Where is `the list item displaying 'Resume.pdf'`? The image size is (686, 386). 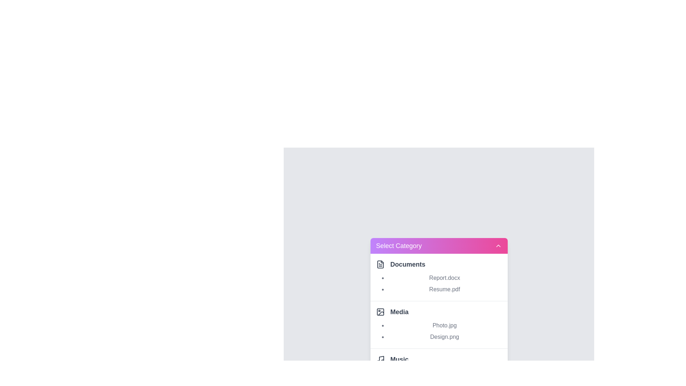 the list item displaying 'Resume.pdf' is located at coordinates (444, 289).